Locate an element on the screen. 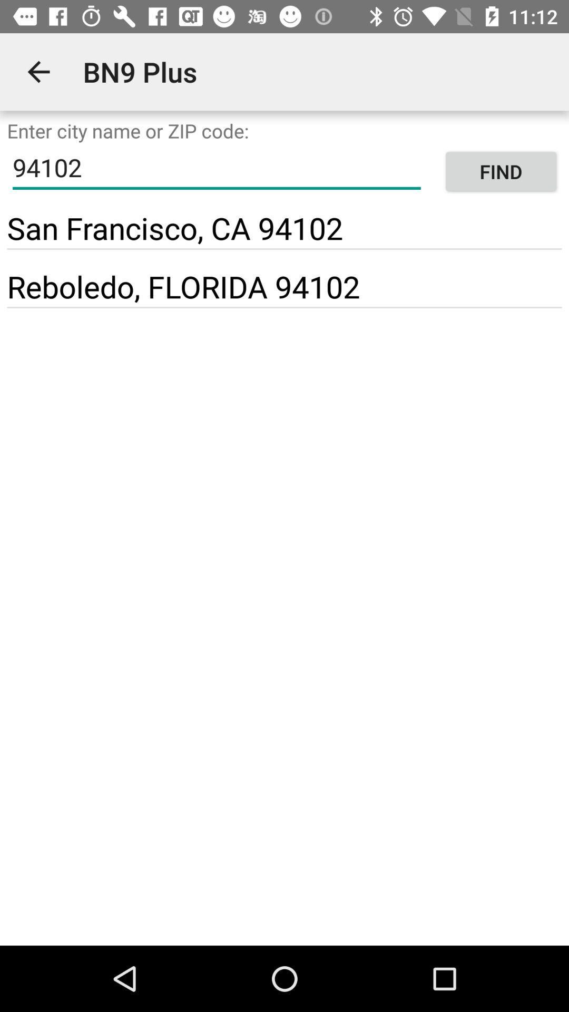 The height and width of the screenshot is (1012, 569). item next to bn9 plus item is located at coordinates (38, 71).